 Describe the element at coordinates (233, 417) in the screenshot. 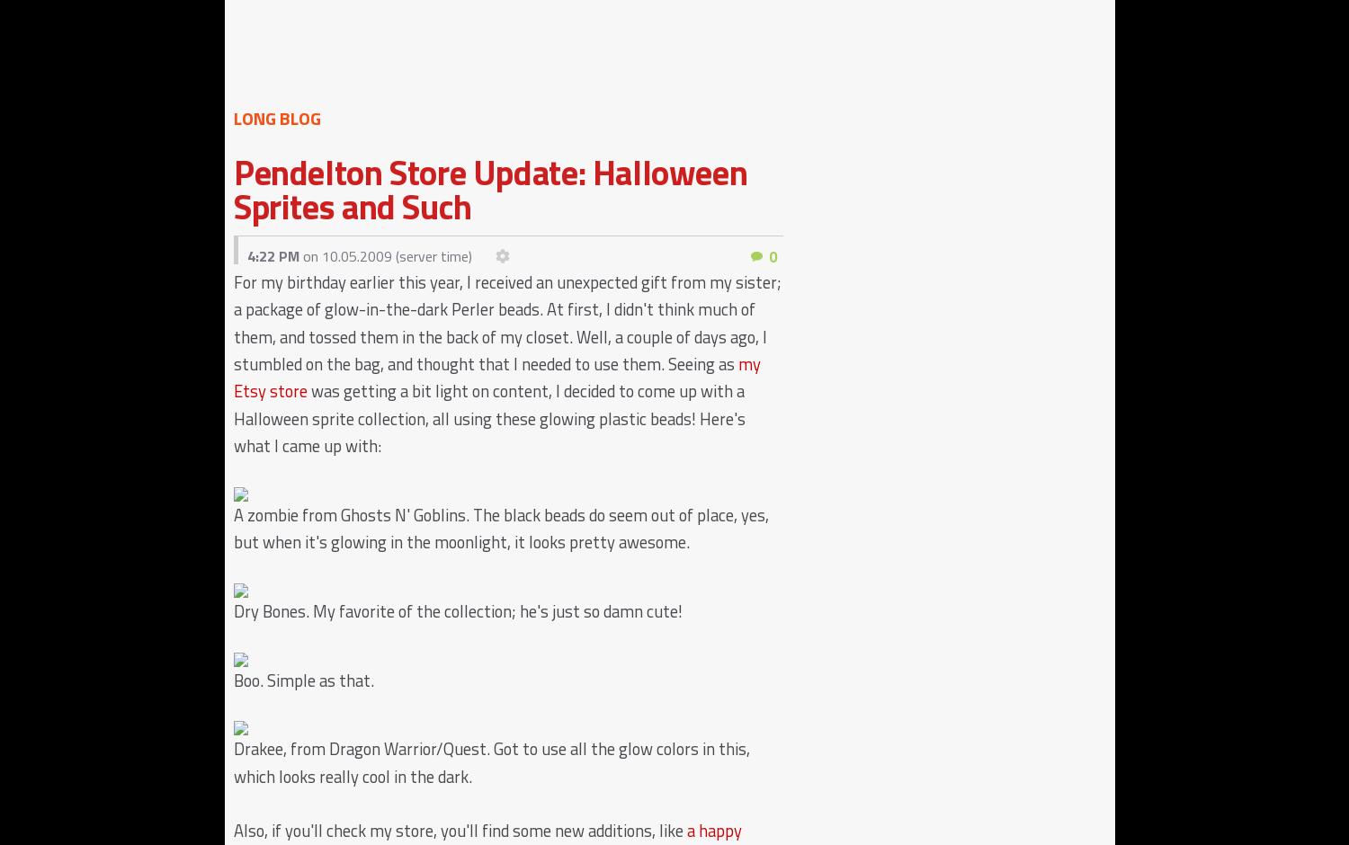

I see `'was getting a bit light on content, I decided to come up with a Halloween sprite collection, all using these glowing plastic beads! Here's what I came up with:'` at that location.